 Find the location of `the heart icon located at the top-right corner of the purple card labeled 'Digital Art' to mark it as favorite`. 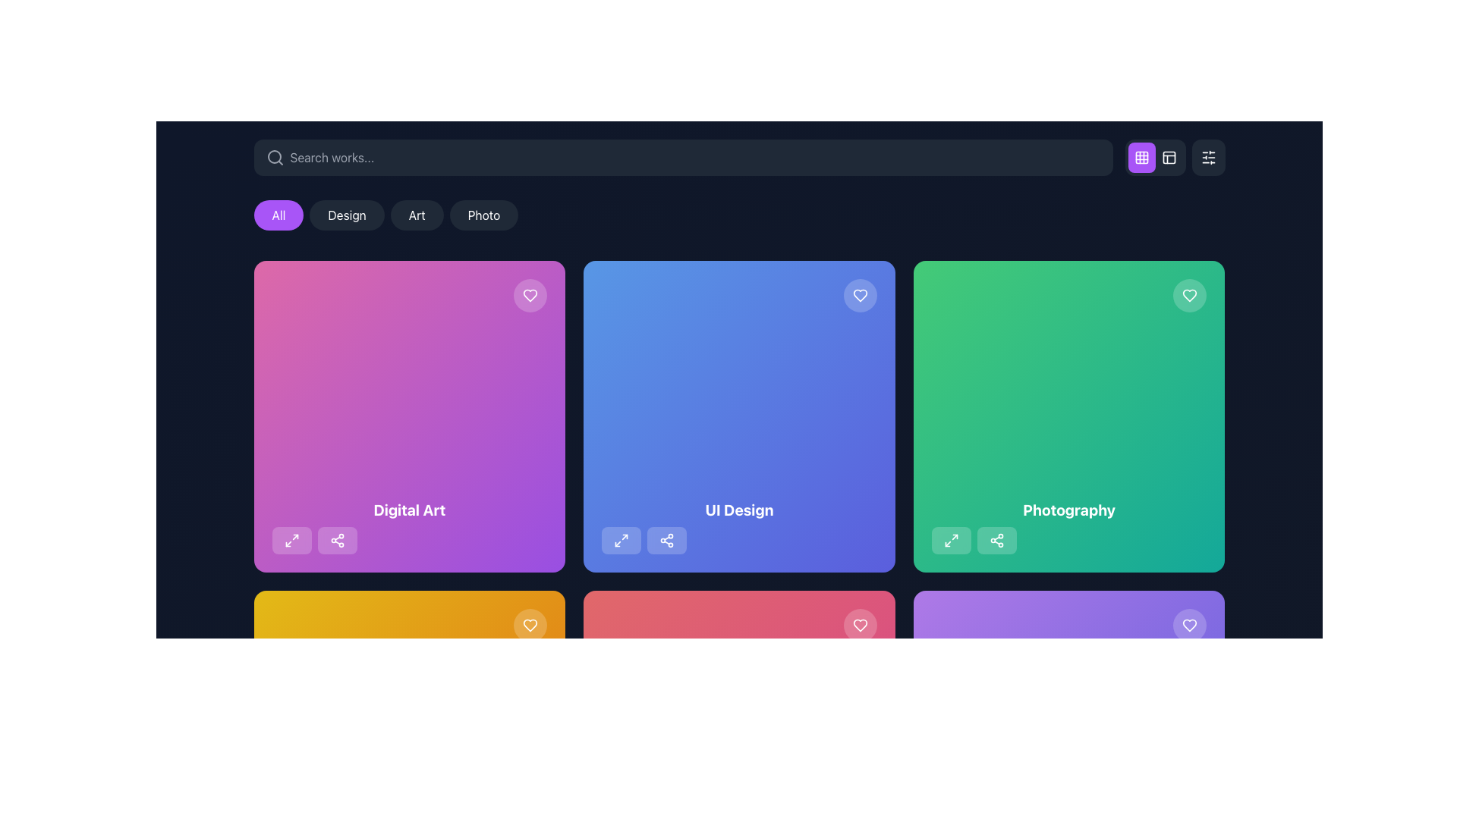

the heart icon located at the top-right corner of the purple card labeled 'Digital Art' to mark it as favorite is located at coordinates (1189, 625).